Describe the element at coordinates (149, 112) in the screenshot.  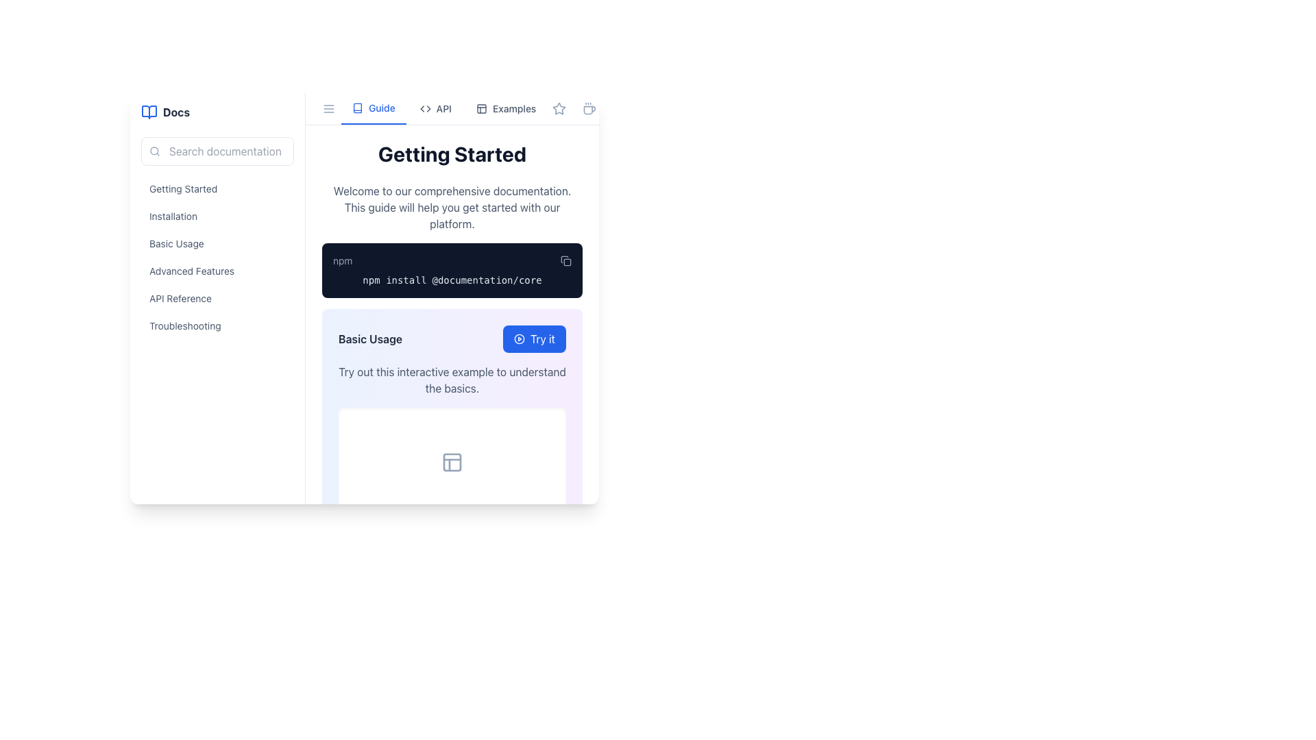
I see `the book icon located in the top-left corner of the interface next to the 'Docs' text title in the sidebar` at that location.